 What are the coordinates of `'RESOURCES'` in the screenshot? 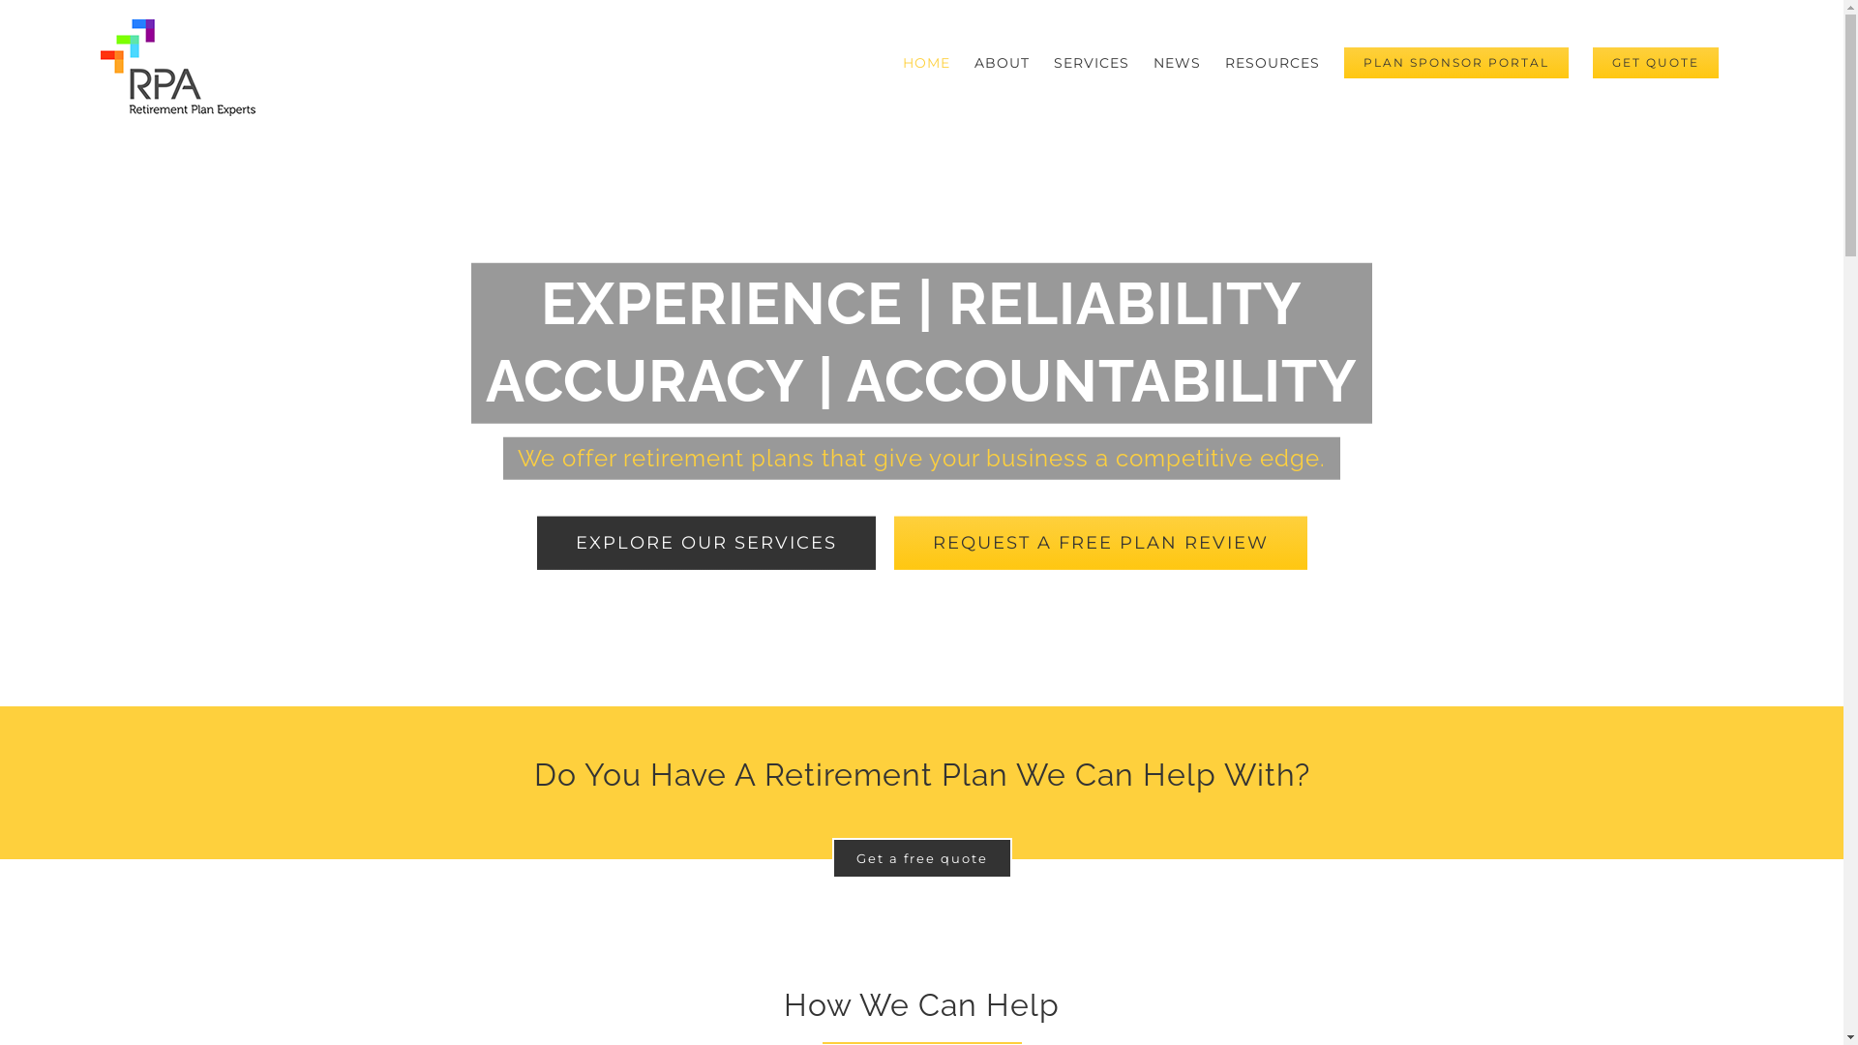 It's located at (1224, 62).